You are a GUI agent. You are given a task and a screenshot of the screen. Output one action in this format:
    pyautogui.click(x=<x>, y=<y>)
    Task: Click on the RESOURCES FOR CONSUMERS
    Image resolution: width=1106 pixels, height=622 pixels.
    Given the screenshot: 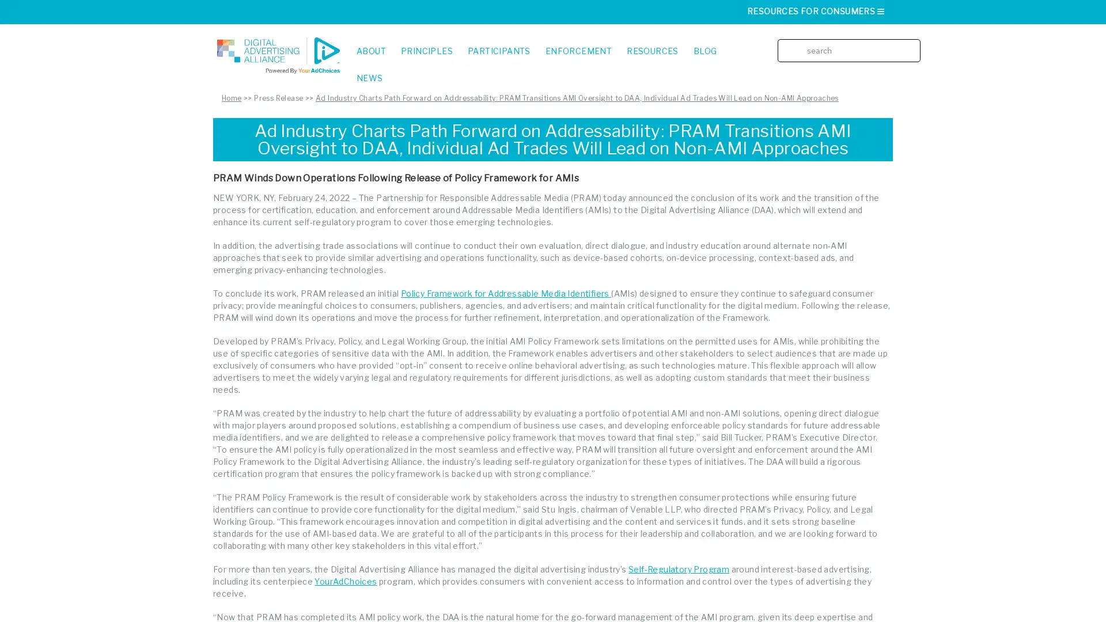 What is the action you would take?
    pyautogui.click(x=816, y=11)
    